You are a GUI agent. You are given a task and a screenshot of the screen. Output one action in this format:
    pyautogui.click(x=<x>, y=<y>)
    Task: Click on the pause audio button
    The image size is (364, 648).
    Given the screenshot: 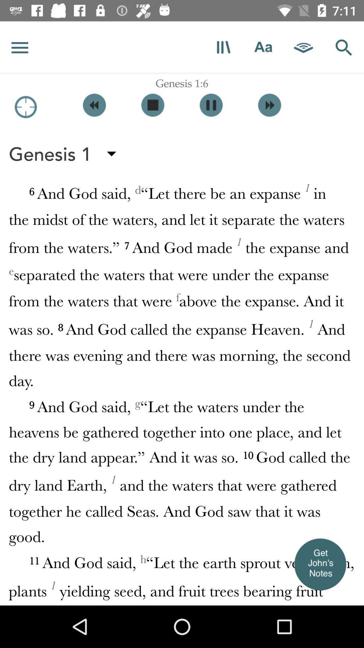 What is the action you would take?
    pyautogui.click(x=211, y=105)
    